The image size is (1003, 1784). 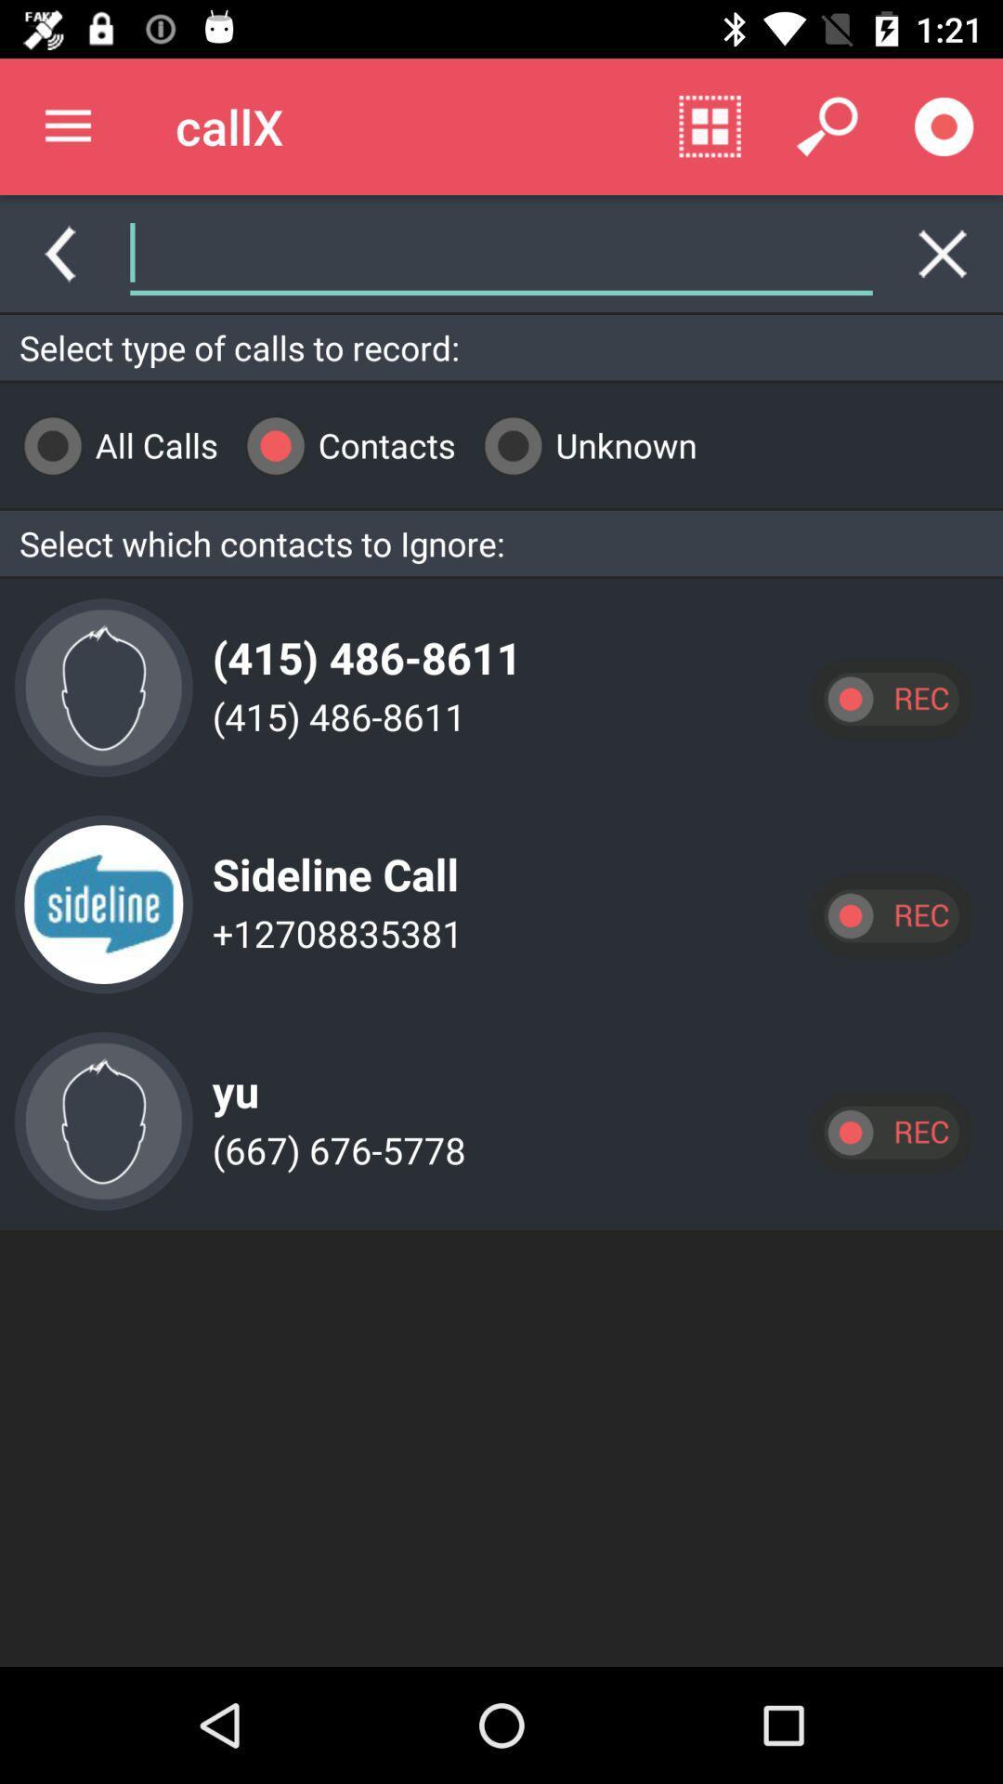 I want to click on starts recording, so click(x=944, y=125).